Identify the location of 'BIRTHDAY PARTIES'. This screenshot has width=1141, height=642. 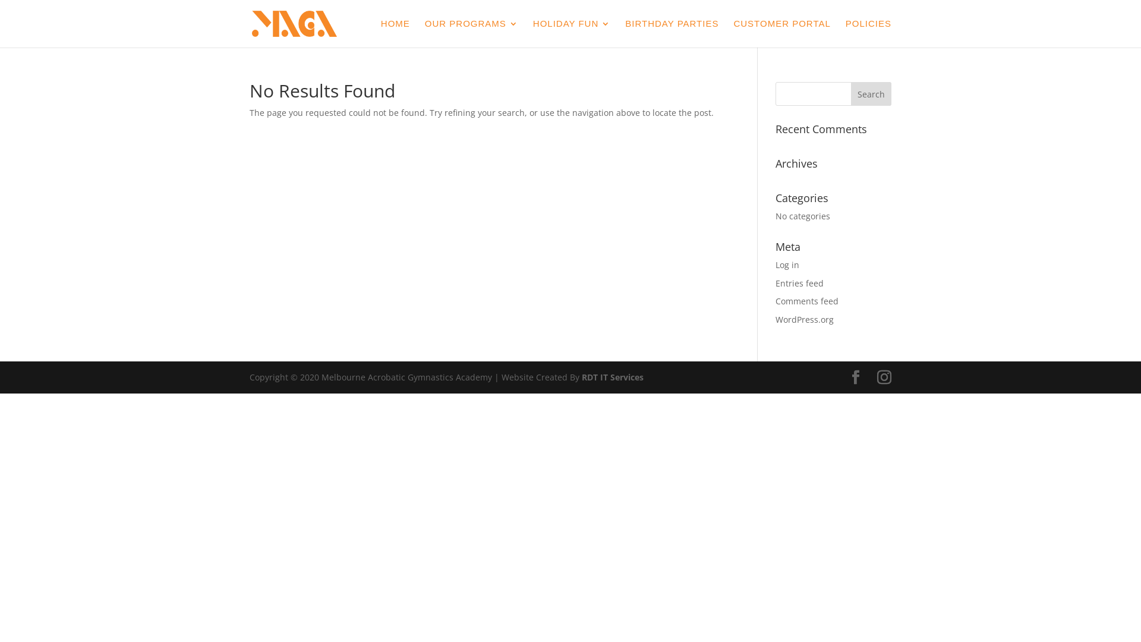
(672, 33).